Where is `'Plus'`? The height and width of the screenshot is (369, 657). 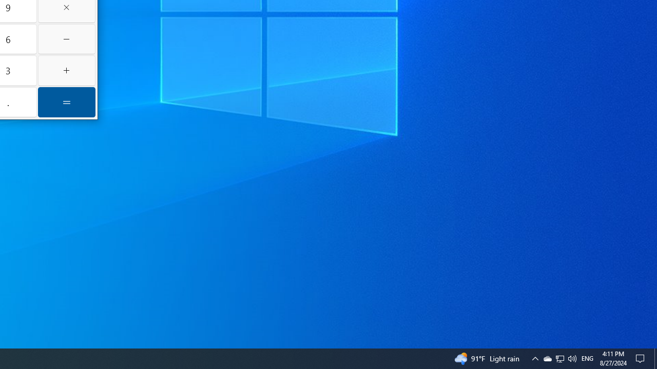
'Plus' is located at coordinates (66, 70).